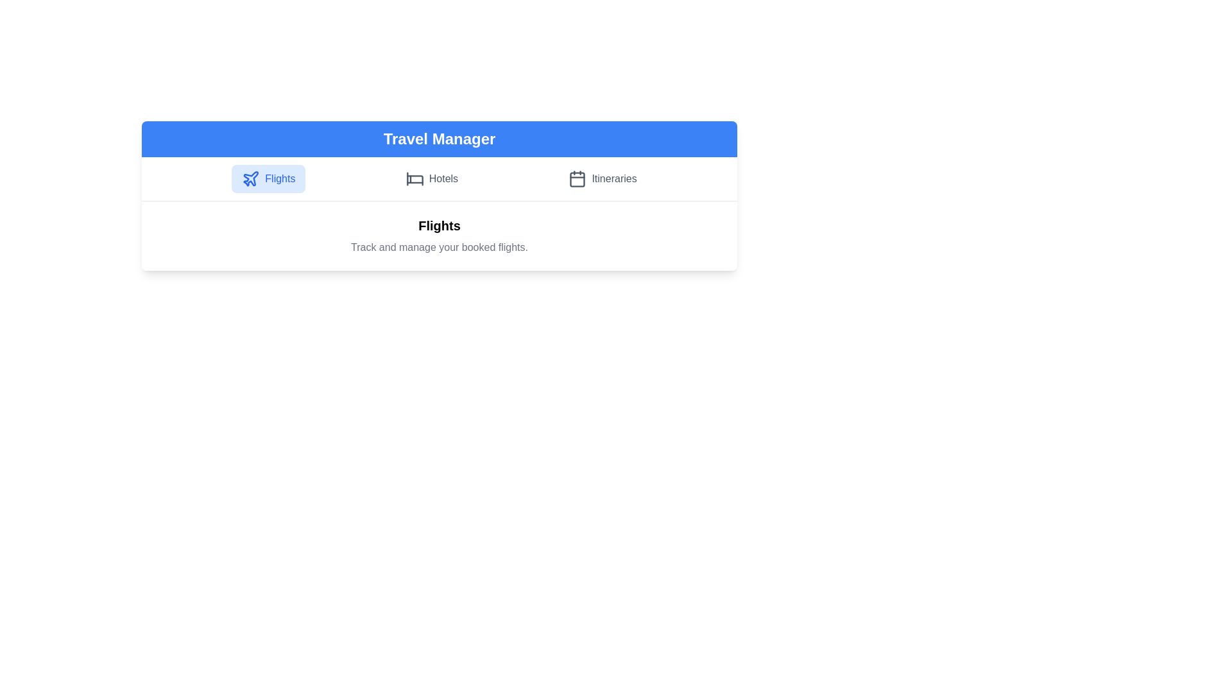  What do you see at coordinates (602, 178) in the screenshot?
I see `the tab labeled Itineraries to see its hover effect` at bounding box center [602, 178].